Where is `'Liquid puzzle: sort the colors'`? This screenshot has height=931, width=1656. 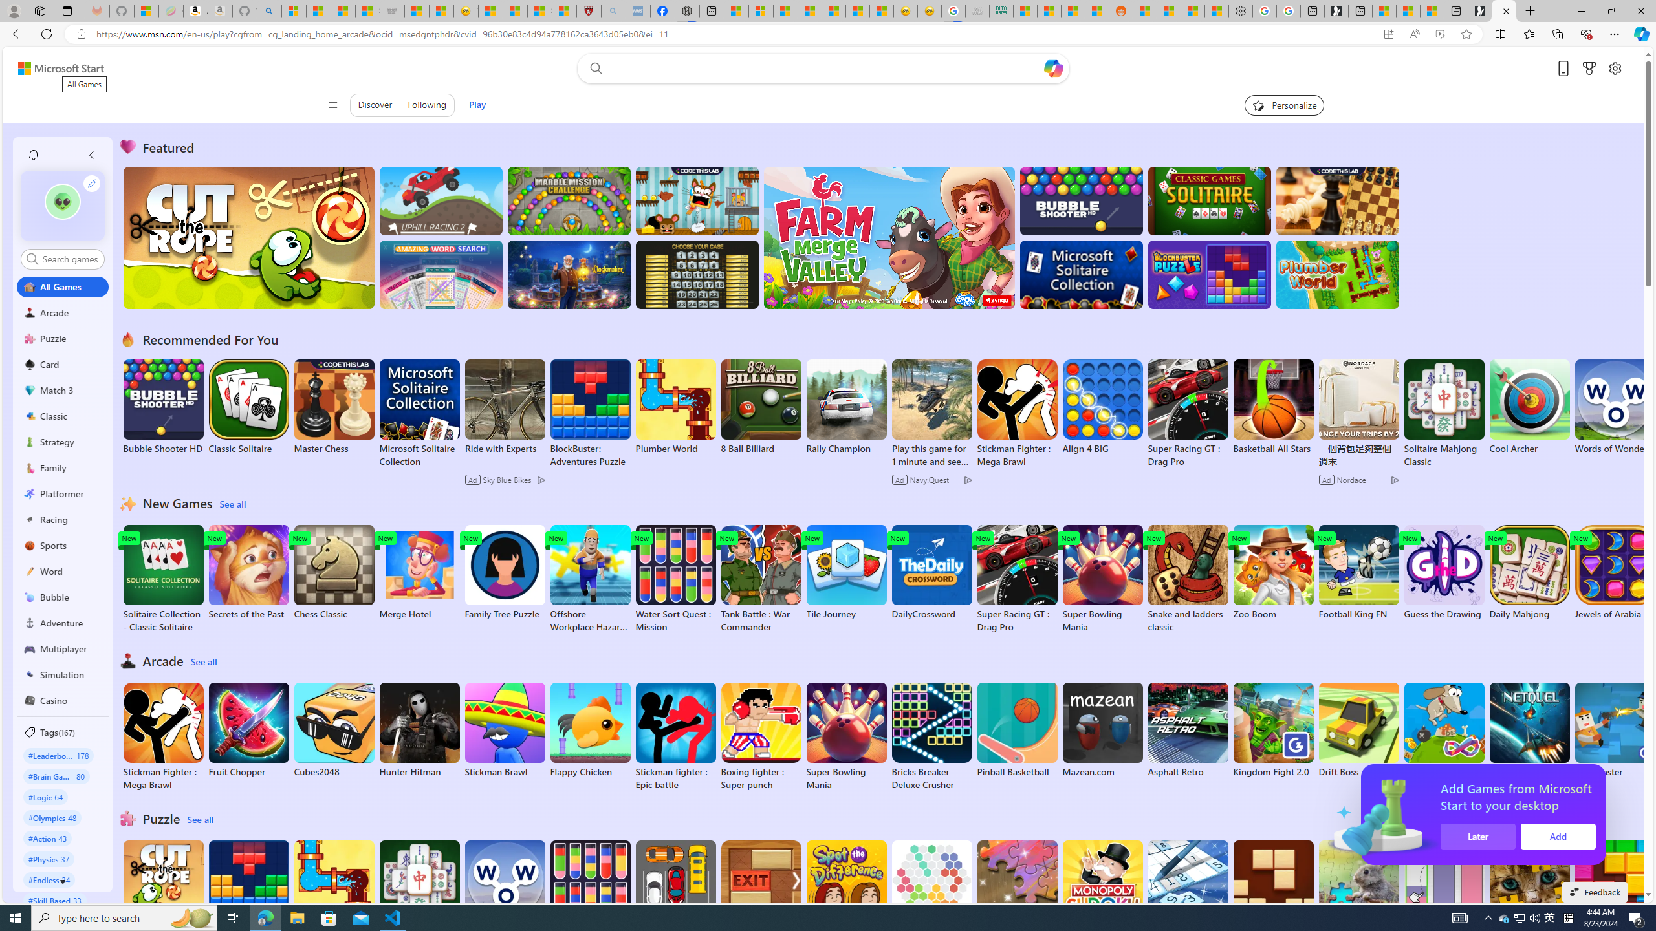
'Liquid puzzle: sort the colors' is located at coordinates (1443, 894).